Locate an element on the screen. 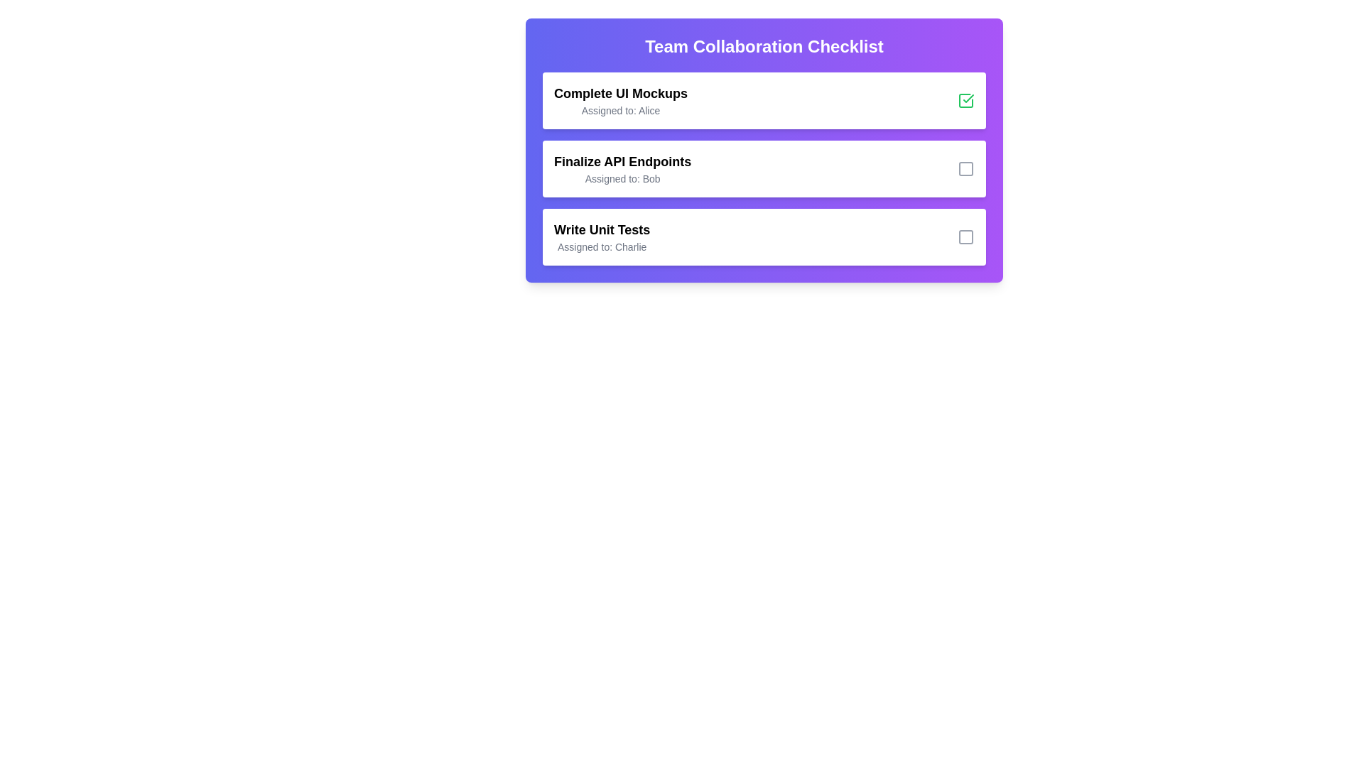  the checkbox or button styled as an outline in light gray, located is located at coordinates (965, 236).